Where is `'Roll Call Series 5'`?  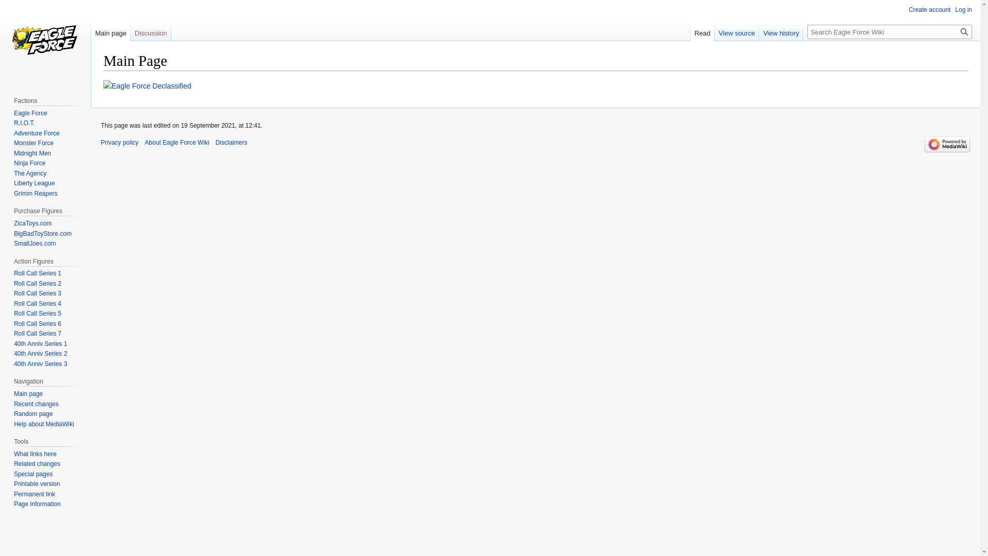 'Roll Call Series 5' is located at coordinates (37, 313).